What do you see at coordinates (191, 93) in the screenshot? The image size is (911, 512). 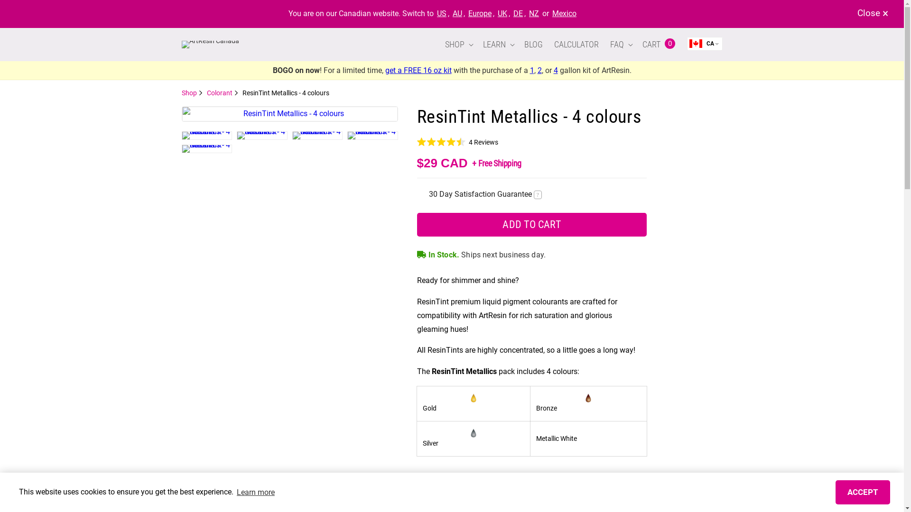 I see `'Shop'` at bounding box center [191, 93].